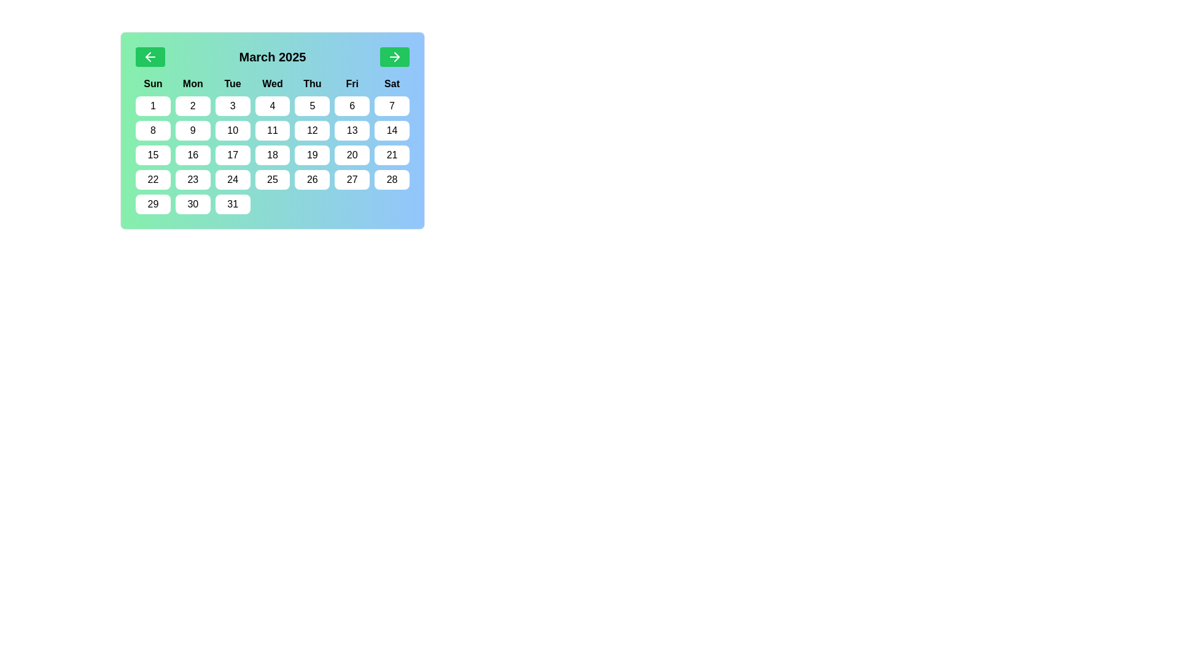 Image resolution: width=1179 pixels, height=663 pixels. I want to click on the button representing the 21st day of the month in the calendar interface, so click(391, 155).